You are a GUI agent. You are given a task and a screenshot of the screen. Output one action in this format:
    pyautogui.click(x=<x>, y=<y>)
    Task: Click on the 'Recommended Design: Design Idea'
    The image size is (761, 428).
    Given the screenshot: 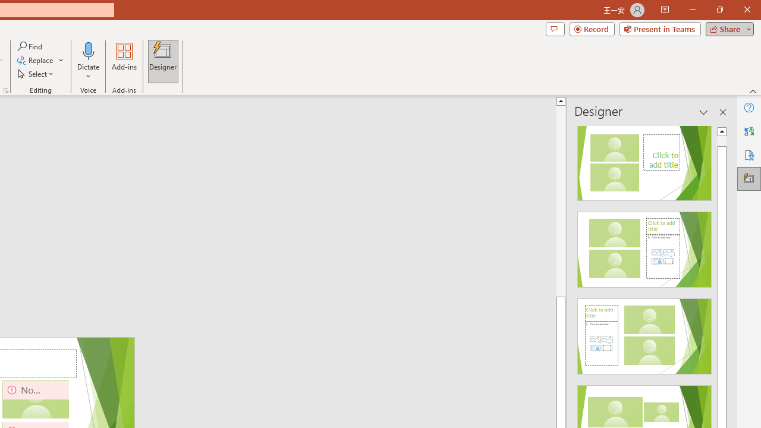 What is the action you would take?
    pyautogui.click(x=644, y=159)
    